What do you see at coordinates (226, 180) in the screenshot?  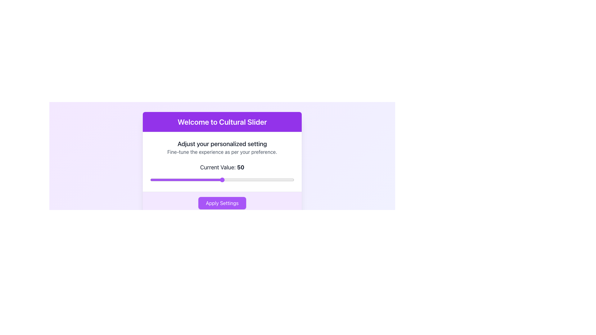 I see `the slider` at bounding box center [226, 180].